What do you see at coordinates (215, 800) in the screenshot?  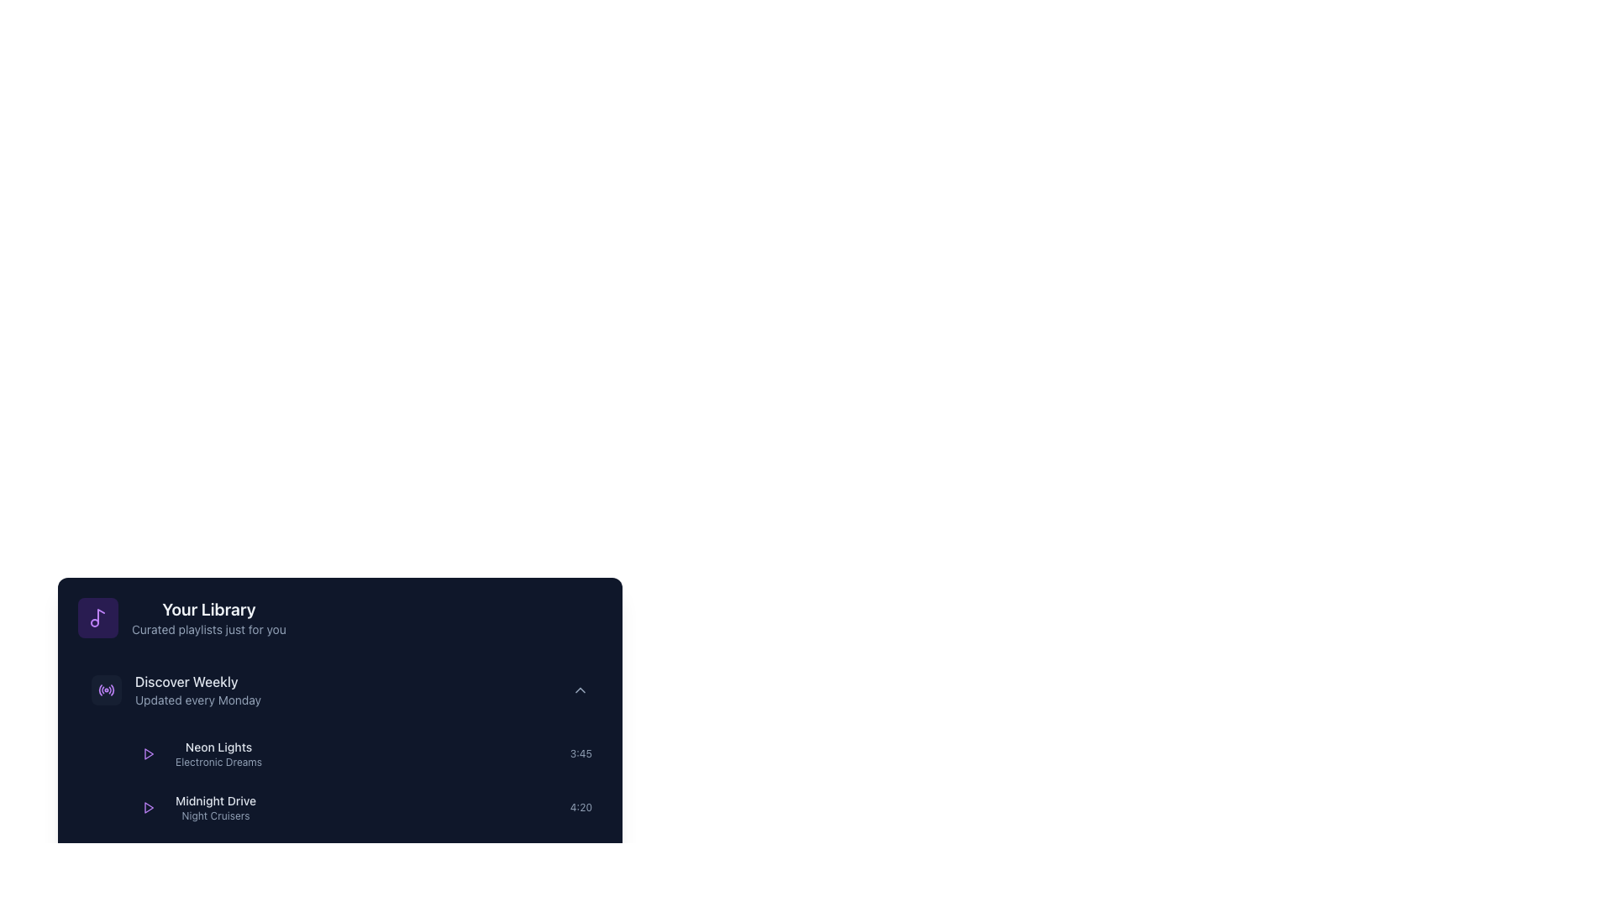 I see `the text label reading 'Midnight Drive' which is styled in a smaller bold font and rendered in light slate color, located in the 'Discover Weekly' playlist interface` at bounding box center [215, 800].